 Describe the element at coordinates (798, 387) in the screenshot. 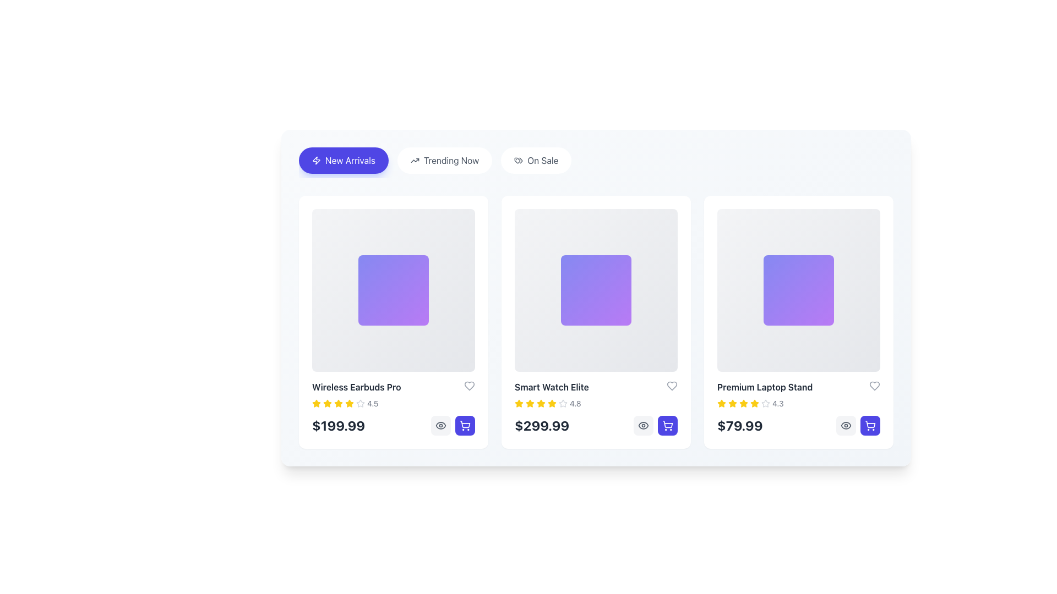

I see `the Text label that displays the product name, located in the third column of the product card, positioned between the product image and rating stars` at that location.